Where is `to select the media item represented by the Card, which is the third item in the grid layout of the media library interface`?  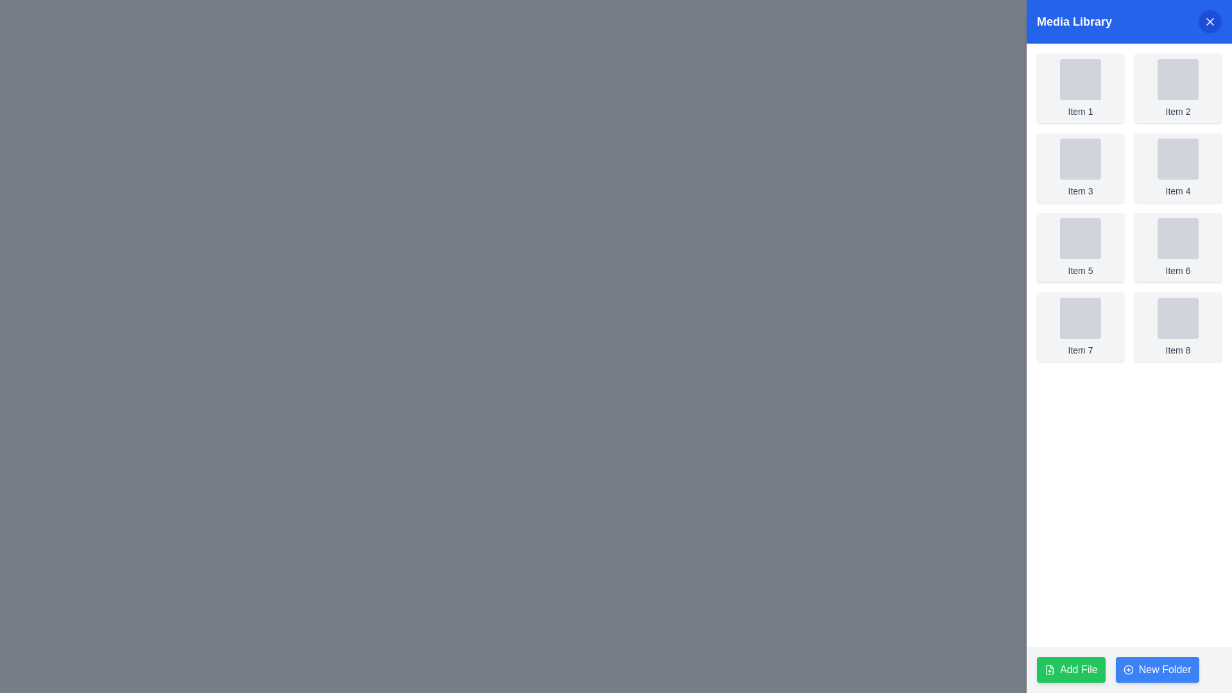 to select the media item represented by the Card, which is the third item in the grid layout of the media library interface is located at coordinates (1080, 167).